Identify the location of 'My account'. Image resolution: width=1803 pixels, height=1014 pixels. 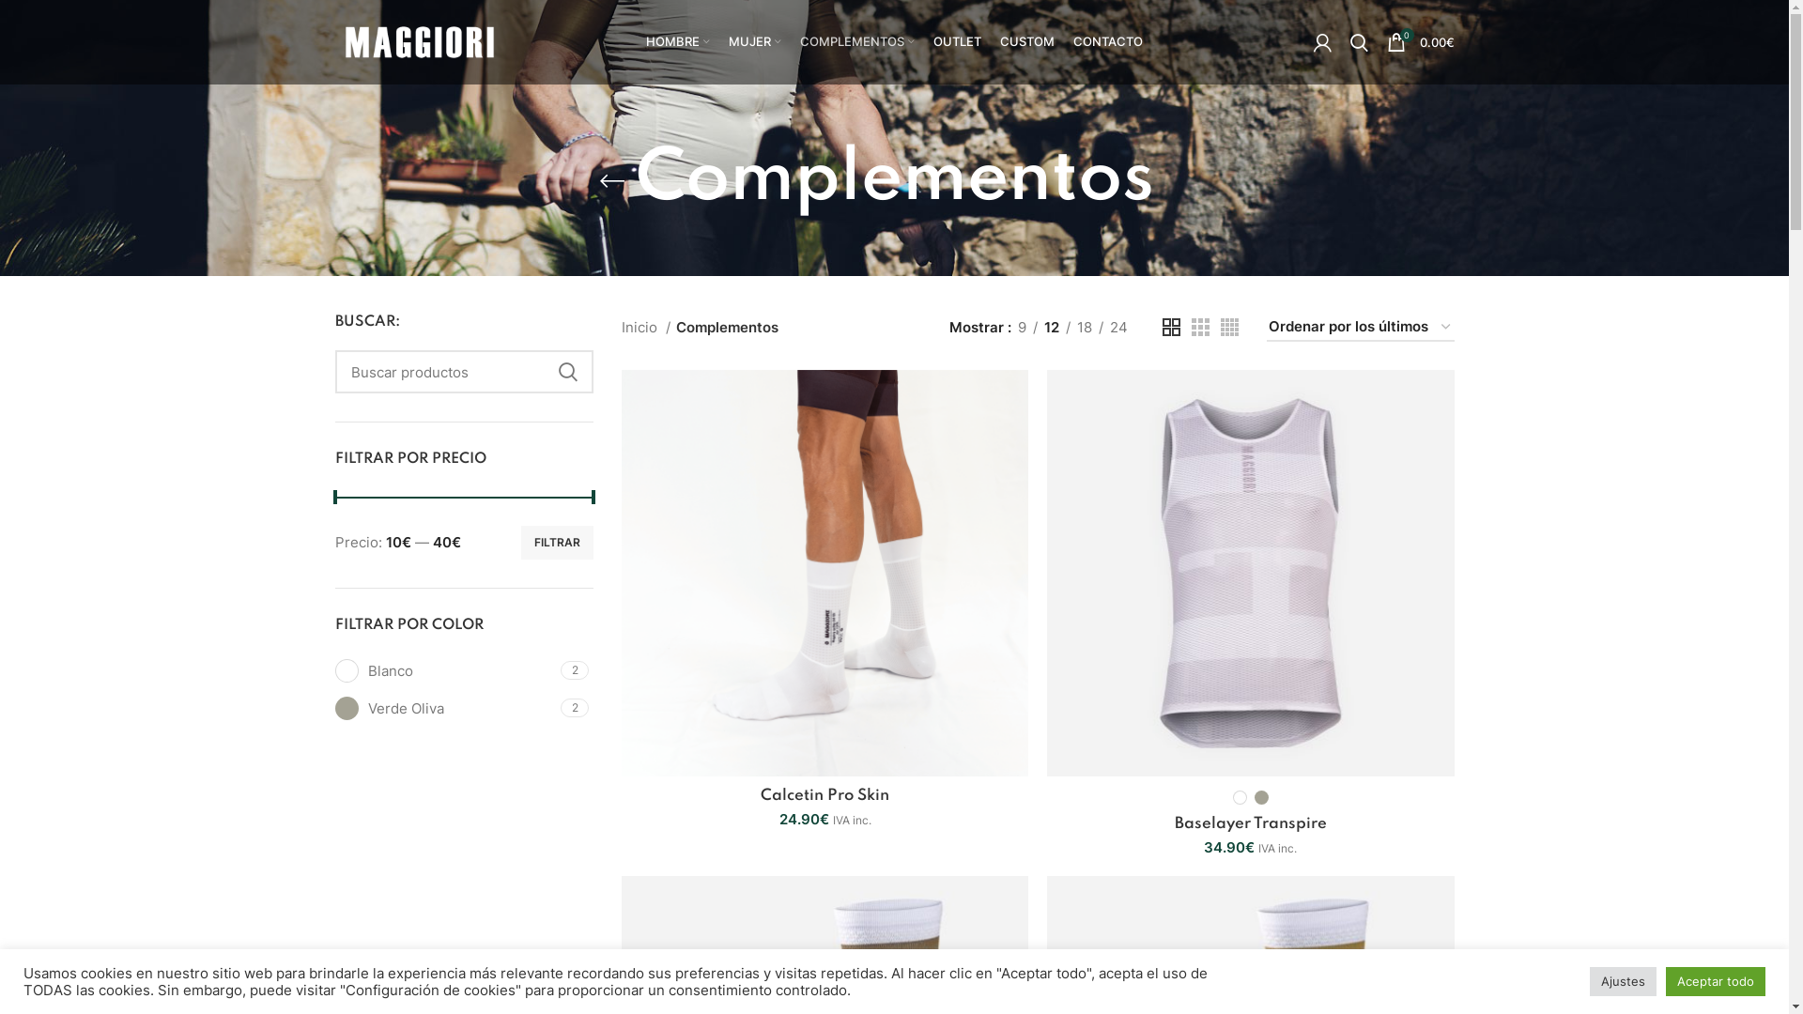
(1320, 42).